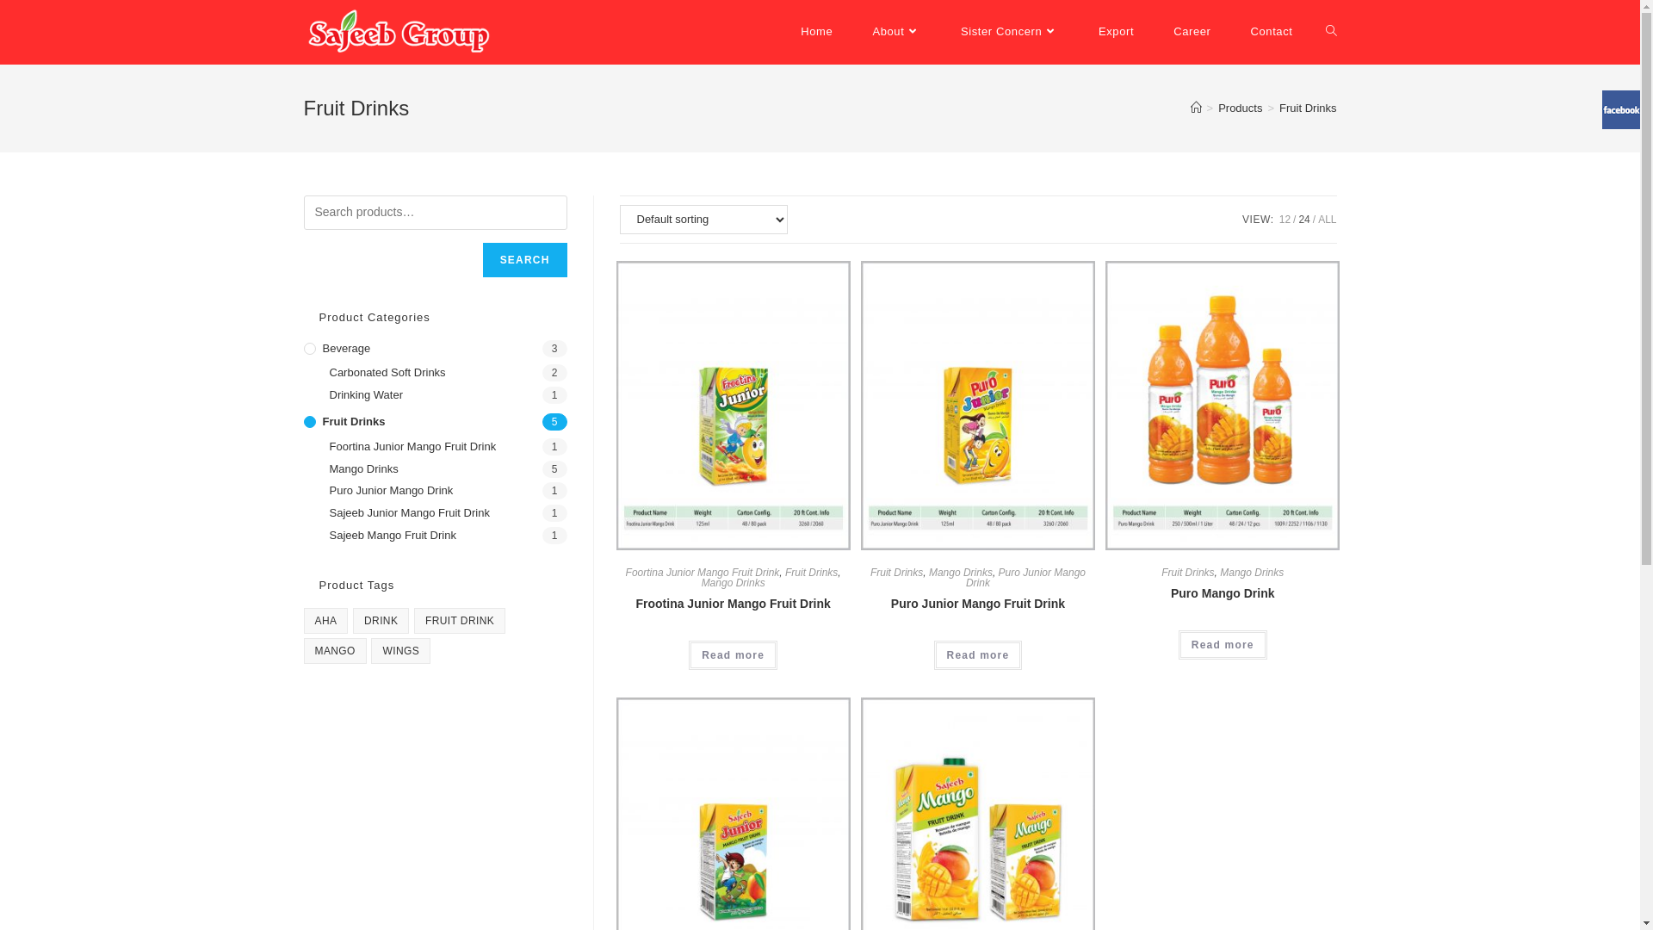  Describe the element at coordinates (1229, 32) in the screenshot. I see `'Contact'` at that location.